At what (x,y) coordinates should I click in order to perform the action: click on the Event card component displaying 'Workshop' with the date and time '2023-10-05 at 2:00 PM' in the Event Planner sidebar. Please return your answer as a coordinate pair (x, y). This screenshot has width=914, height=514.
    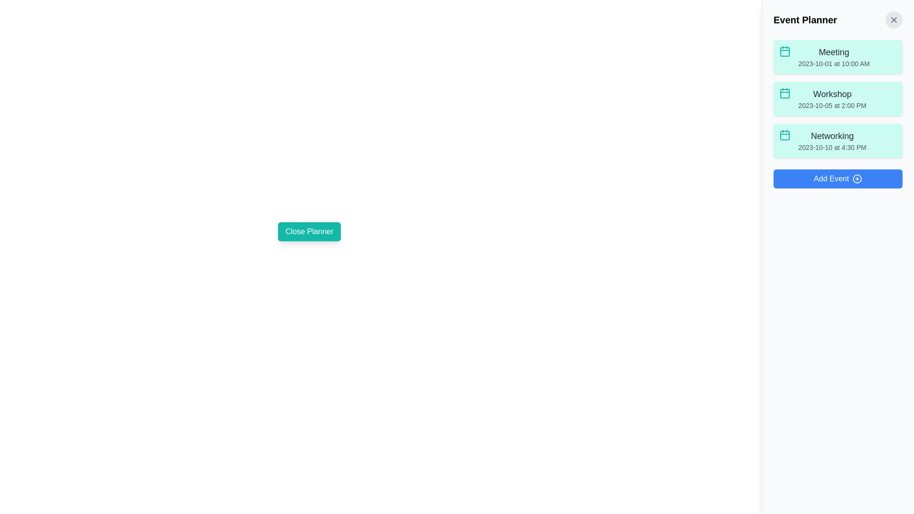
    Looking at the image, I should click on (838, 99).